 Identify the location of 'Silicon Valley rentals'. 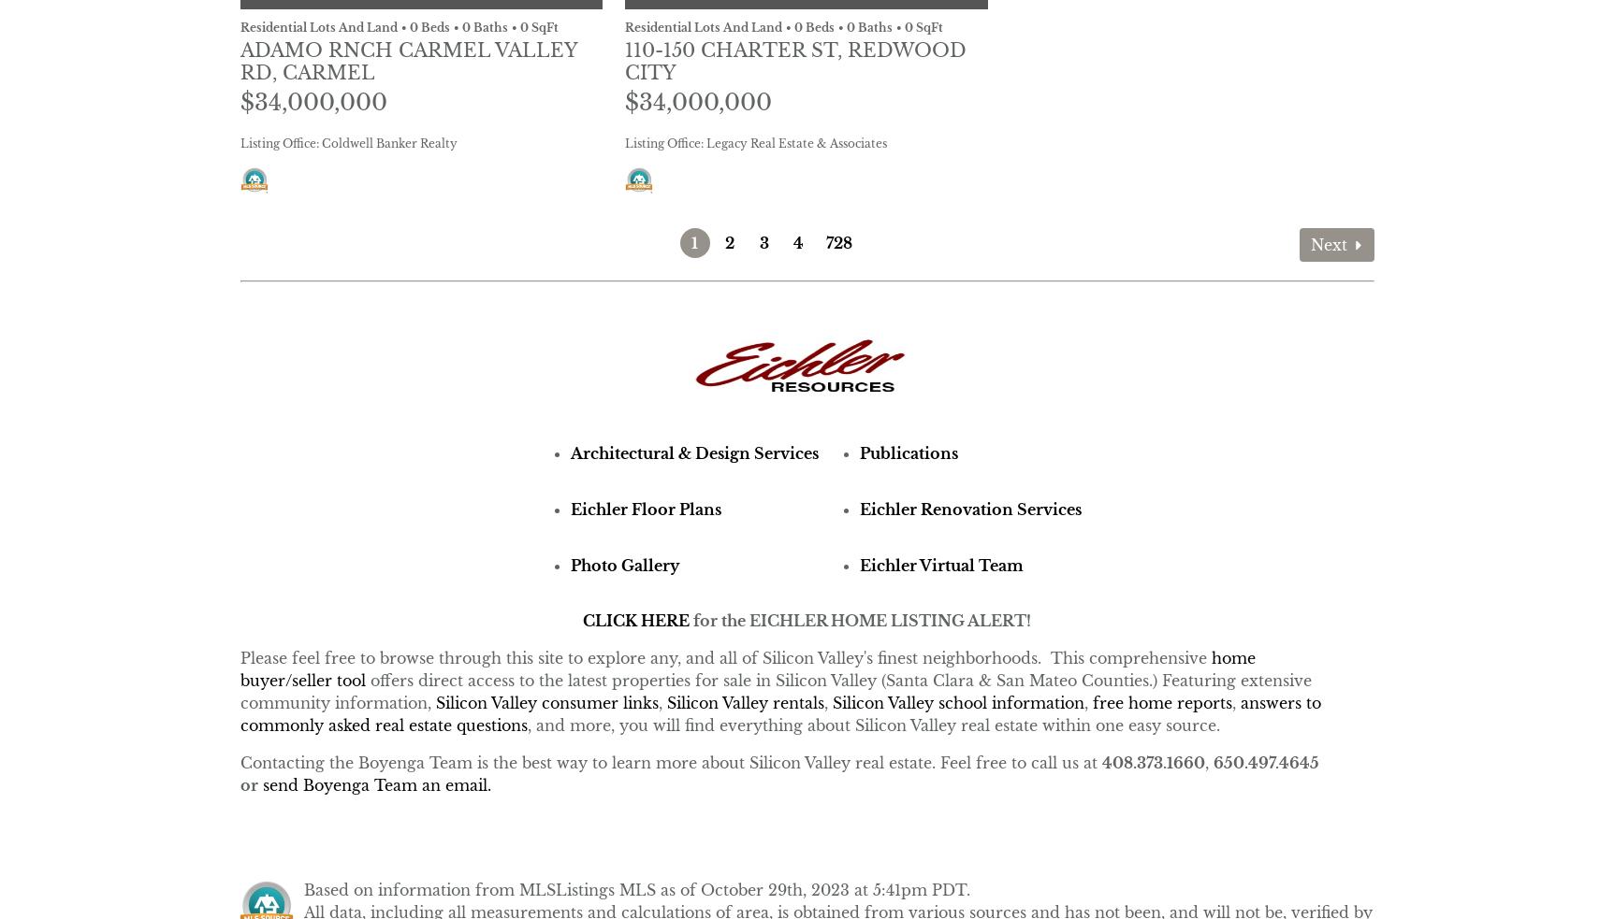
(744, 701).